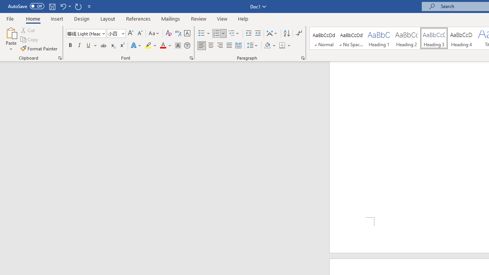 This screenshot has height=275, width=489. Describe the element at coordinates (63, 6) in the screenshot. I see `'Undo Number Default'` at that location.